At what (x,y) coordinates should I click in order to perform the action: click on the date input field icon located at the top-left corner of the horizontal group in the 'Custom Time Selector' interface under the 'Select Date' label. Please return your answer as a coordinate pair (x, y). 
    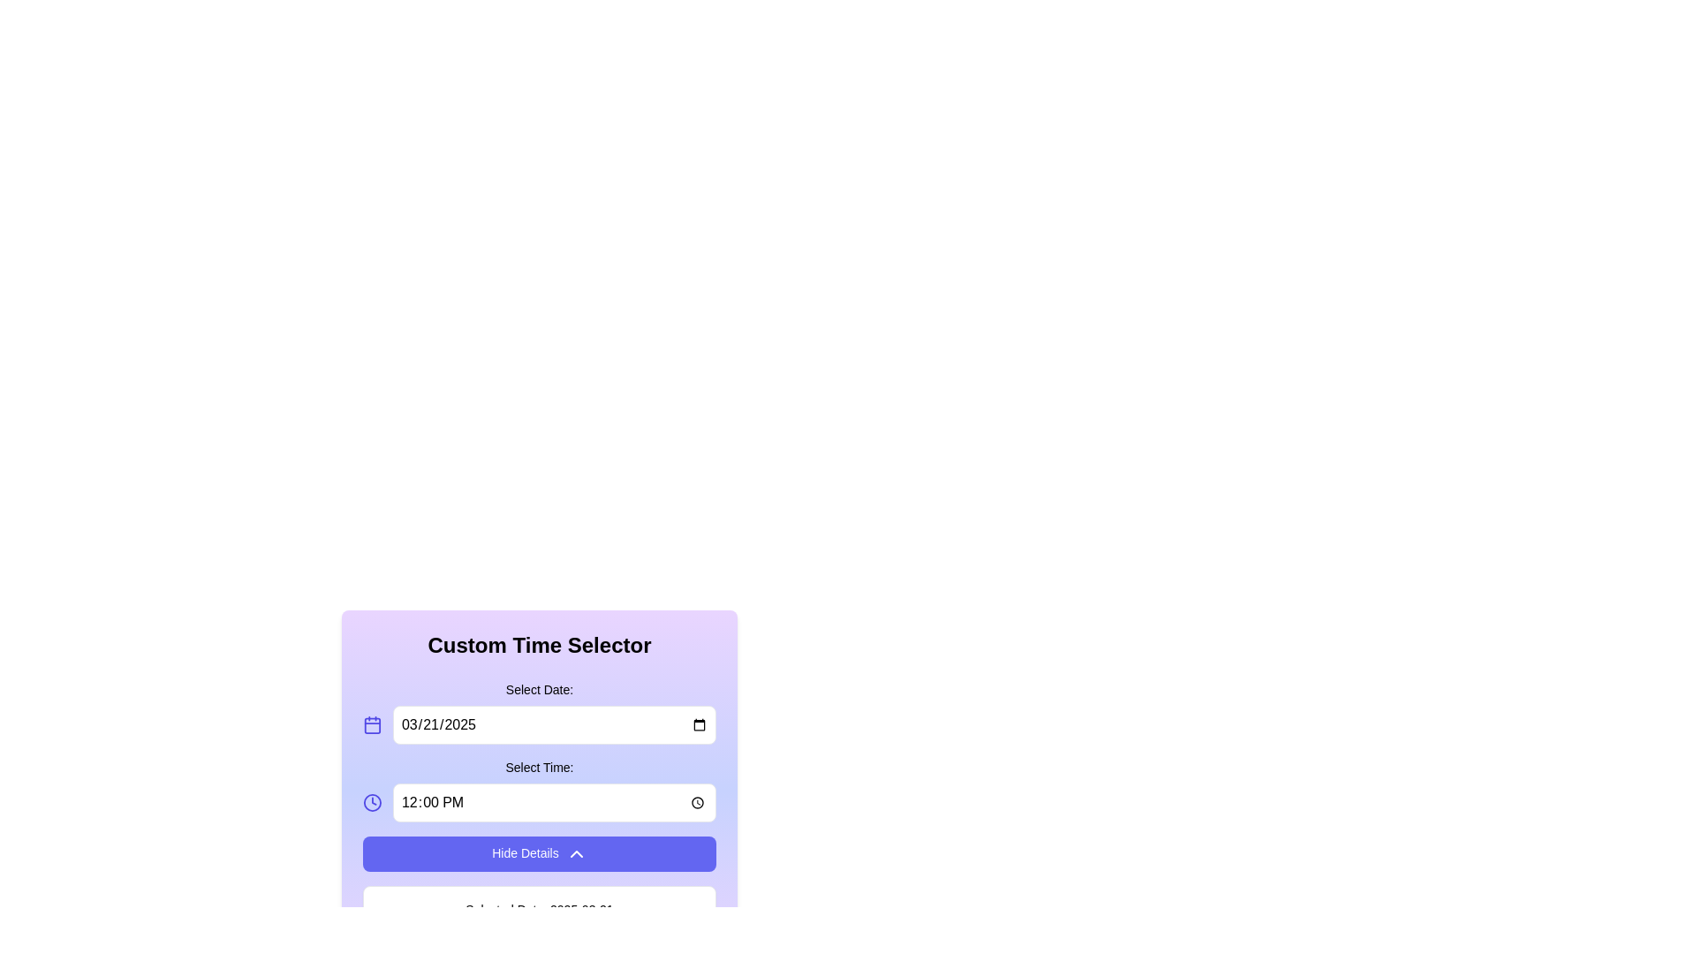
    Looking at the image, I should click on (372, 725).